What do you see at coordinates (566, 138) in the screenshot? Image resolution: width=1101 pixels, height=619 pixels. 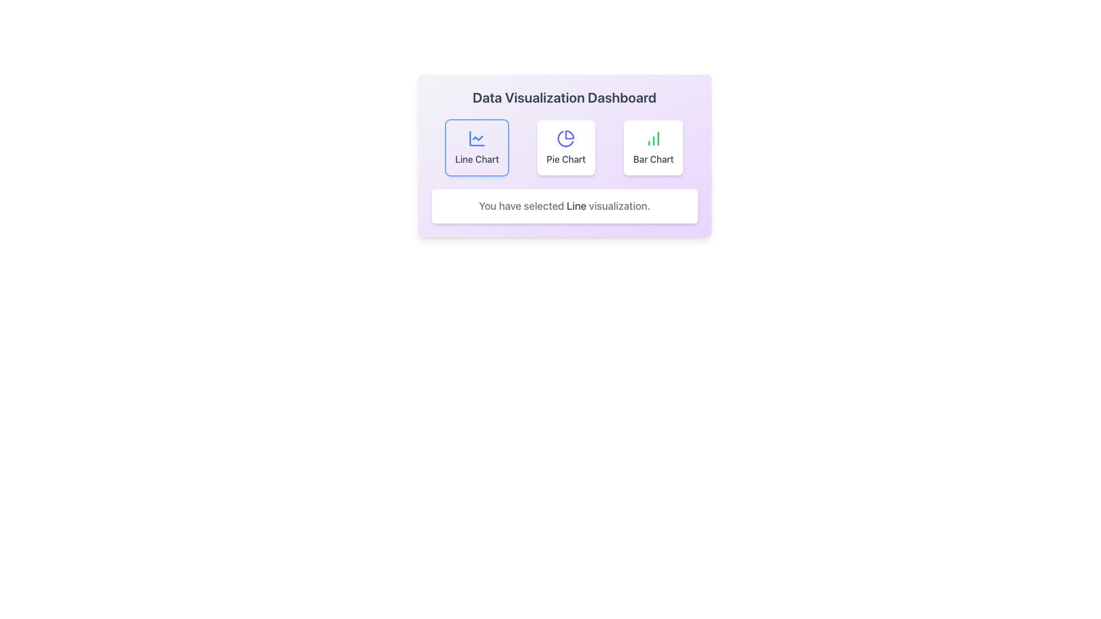 I see `the decorative pie chart icon located centrally within the 'Pie Chart' card on the dashboard, positioned between the 'Line Chart' and 'Bar Chart' cards` at bounding box center [566, 138].